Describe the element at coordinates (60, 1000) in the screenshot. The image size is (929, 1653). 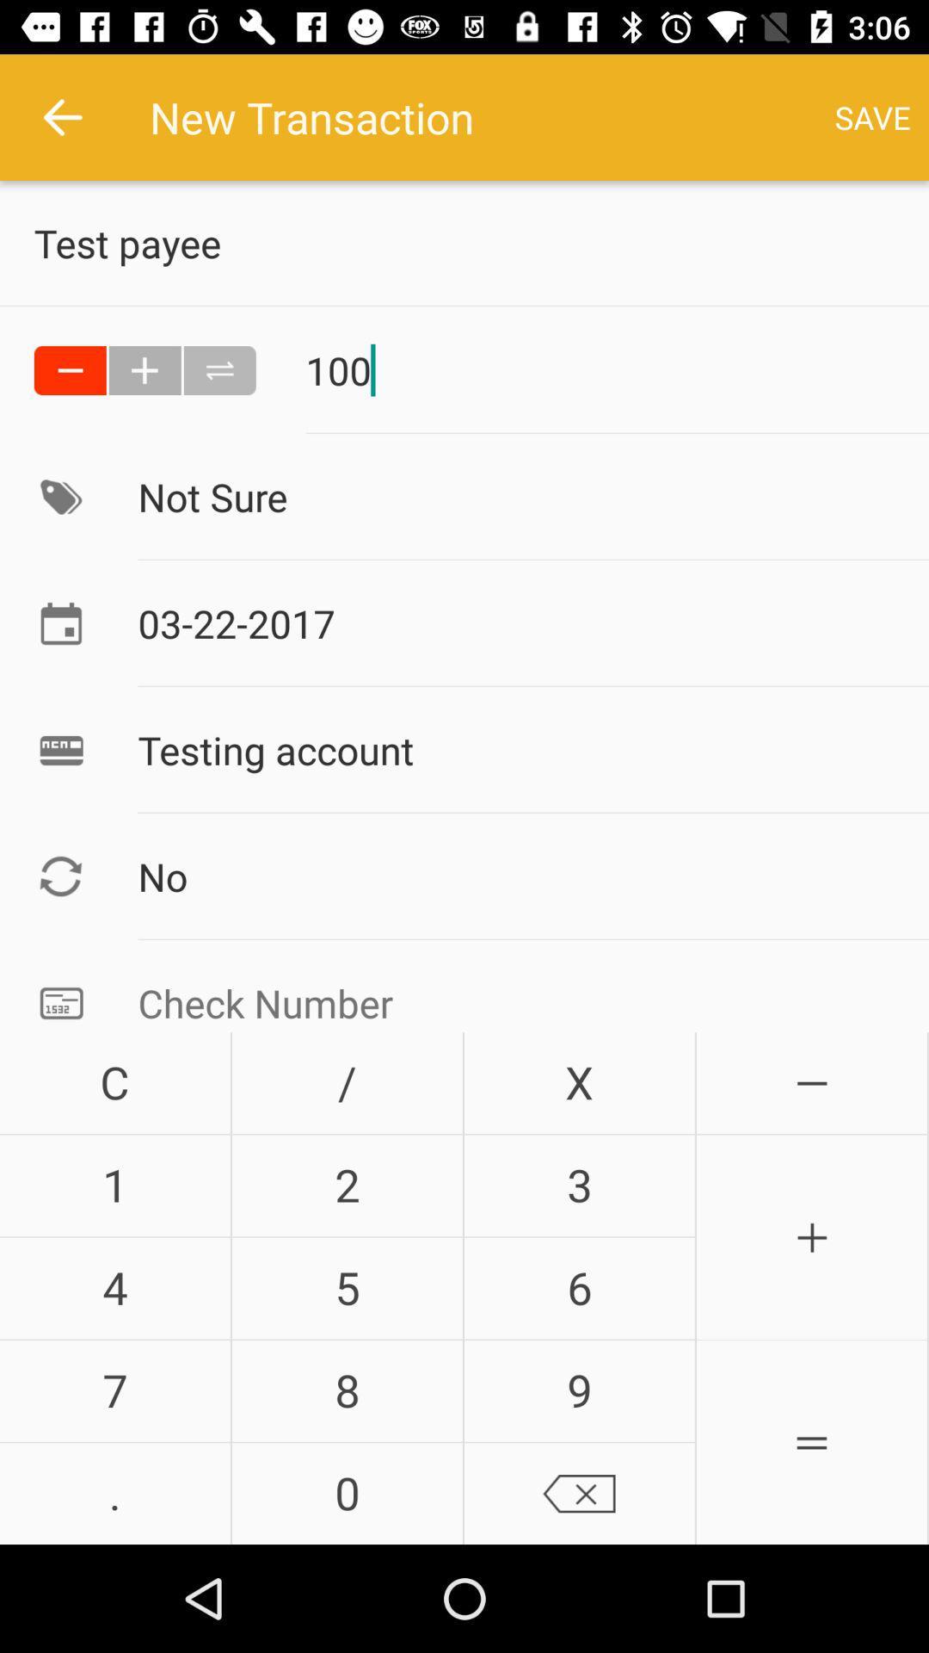
I see `icon left to text check number` at that location.